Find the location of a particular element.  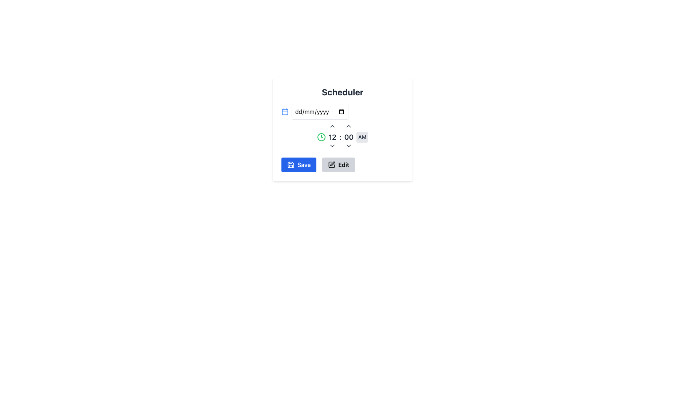

the down arrow of the Time Picker to decrease the hour, which is positioned near the center of the scheduler interface and includes a green clock icon and interactive controls is located at coordinates (342, 137).